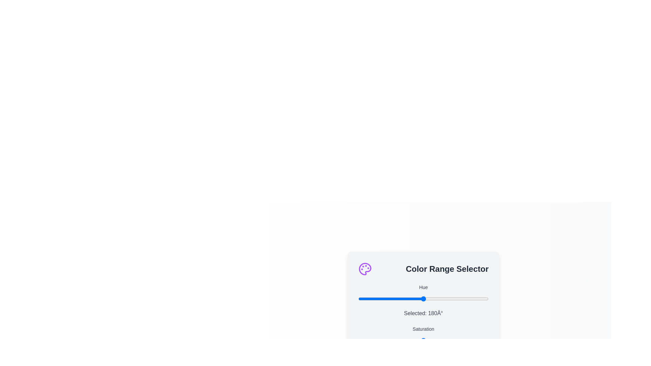 The width and height of the screenshot is (651, 366). I want to click on the 'Hue' label, which is styled in small gray text and positioned at the top of the 'Color Range Selector' section, so click(423, 287).